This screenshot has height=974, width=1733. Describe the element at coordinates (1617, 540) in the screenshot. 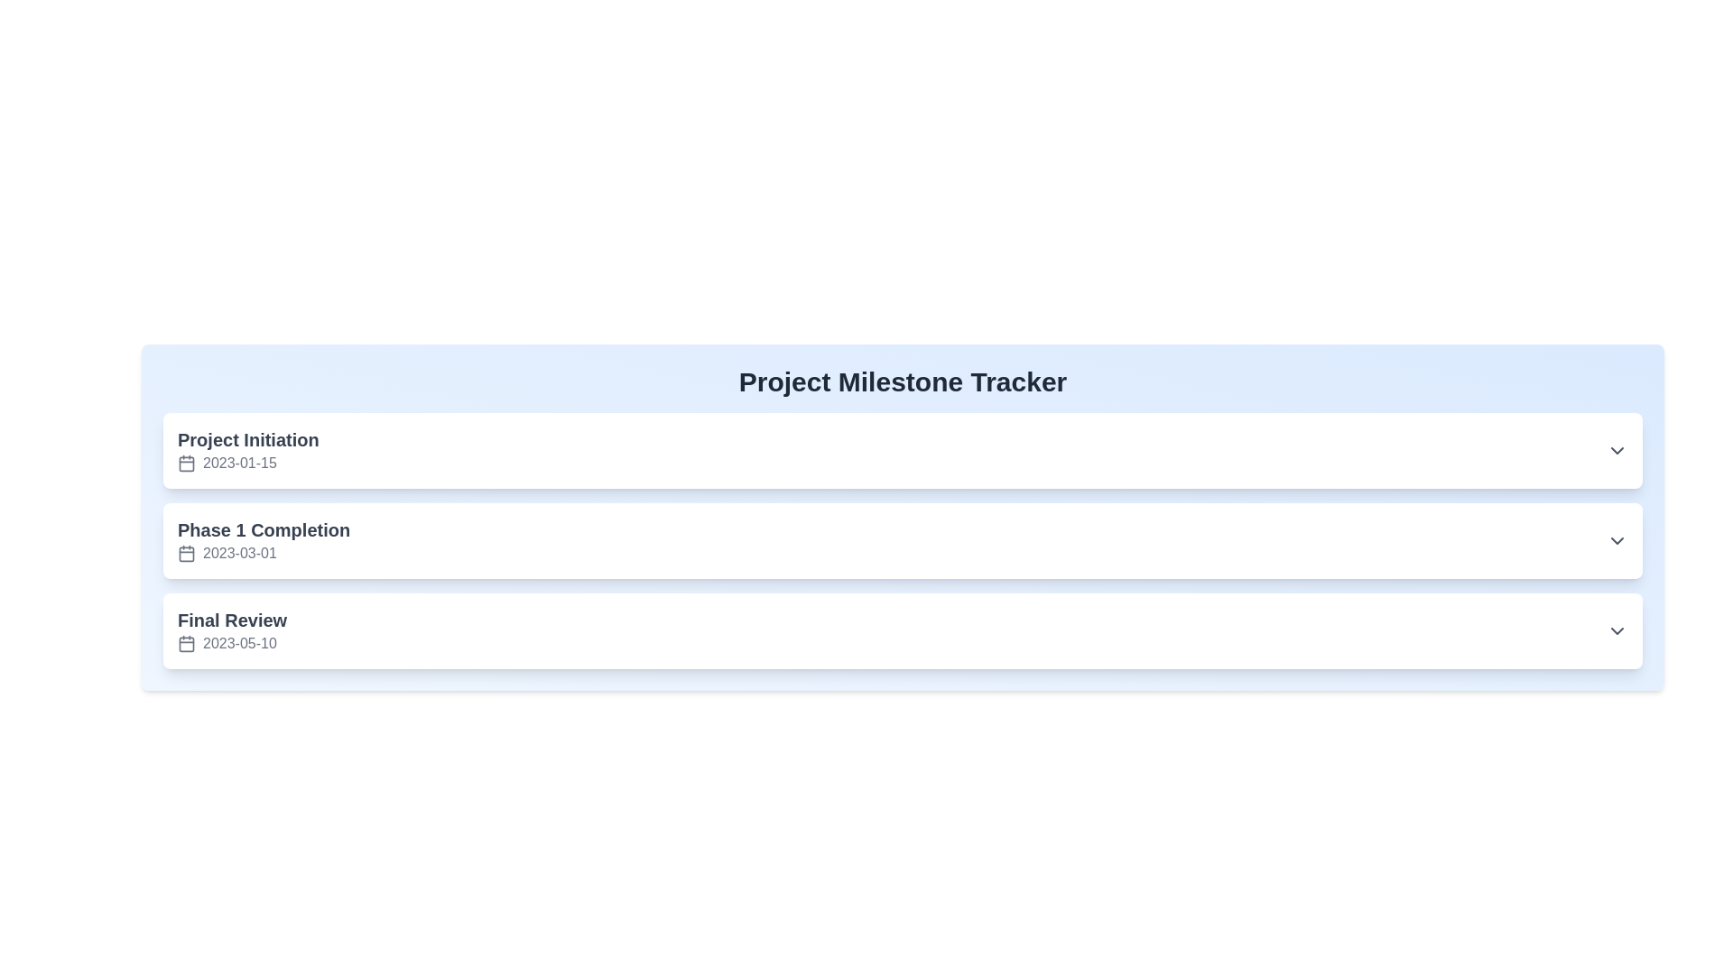

I see `the downward-facing chevron icon of the Dropdown toggle button located on the right-hand side of the list item for 'Phase 1 Completion' to change its appearance` at that location.